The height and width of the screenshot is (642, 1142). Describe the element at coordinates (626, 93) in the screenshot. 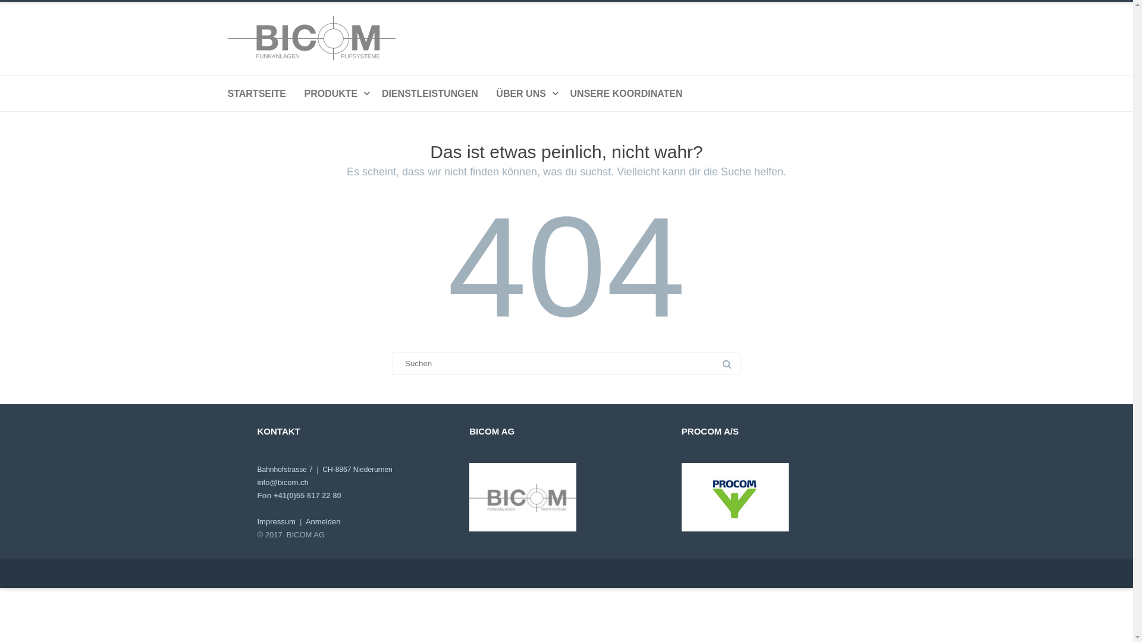

I see `'UNSERE KOORDINATEN'` at that location.